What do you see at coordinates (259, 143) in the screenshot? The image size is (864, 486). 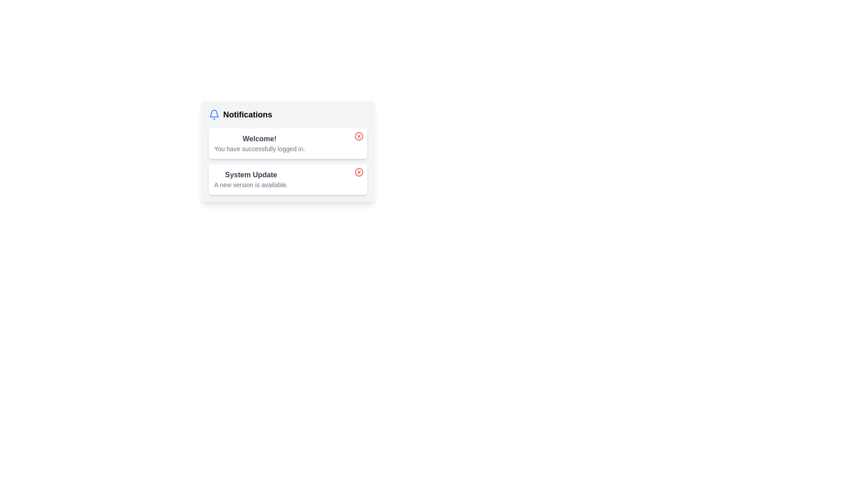 I see `the static text block that serves as a notification message indicating successful login, located in the central area of the notifications section` at bounding box center [259, 143].